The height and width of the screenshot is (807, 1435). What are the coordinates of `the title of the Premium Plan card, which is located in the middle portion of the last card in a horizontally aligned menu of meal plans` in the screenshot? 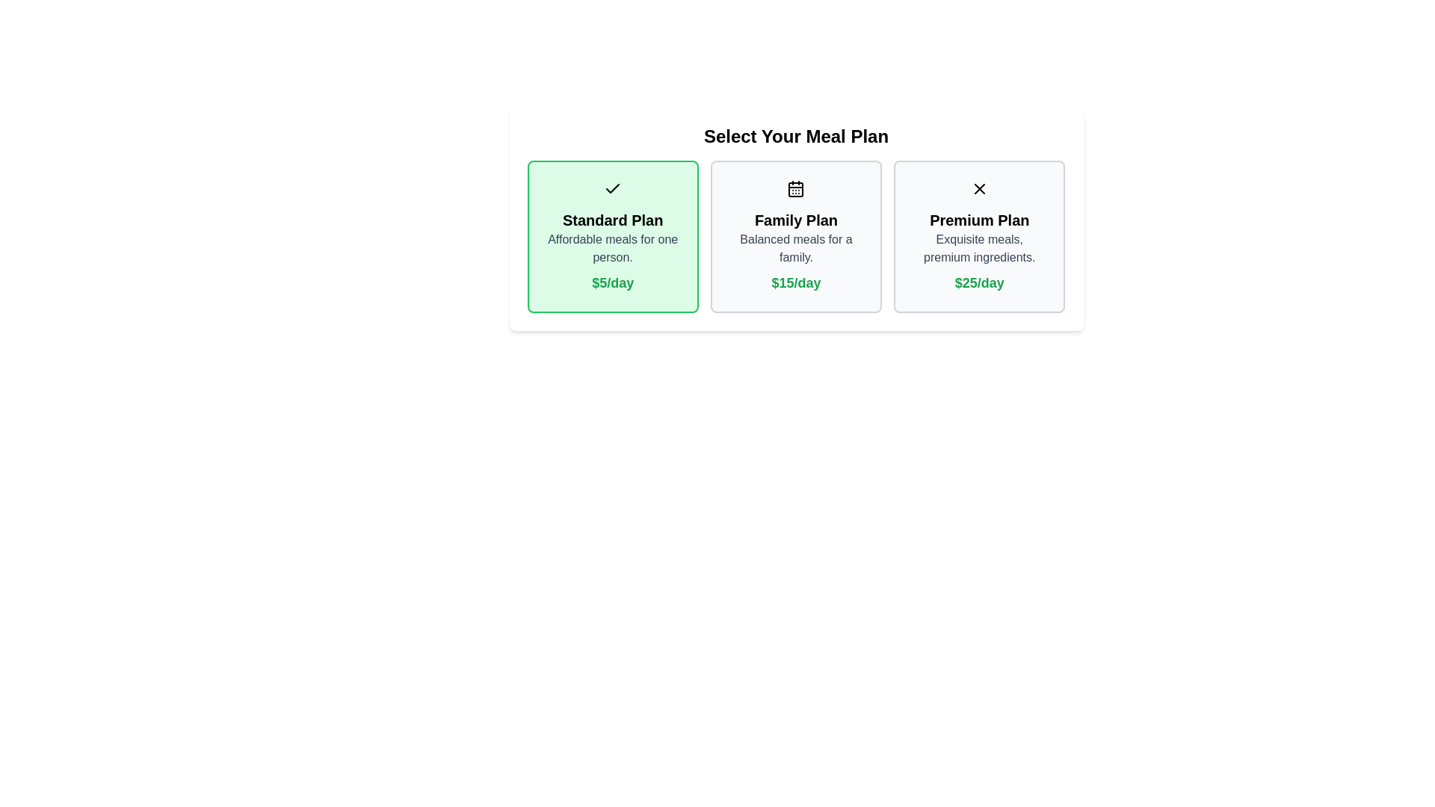 It's located at (979, 220).